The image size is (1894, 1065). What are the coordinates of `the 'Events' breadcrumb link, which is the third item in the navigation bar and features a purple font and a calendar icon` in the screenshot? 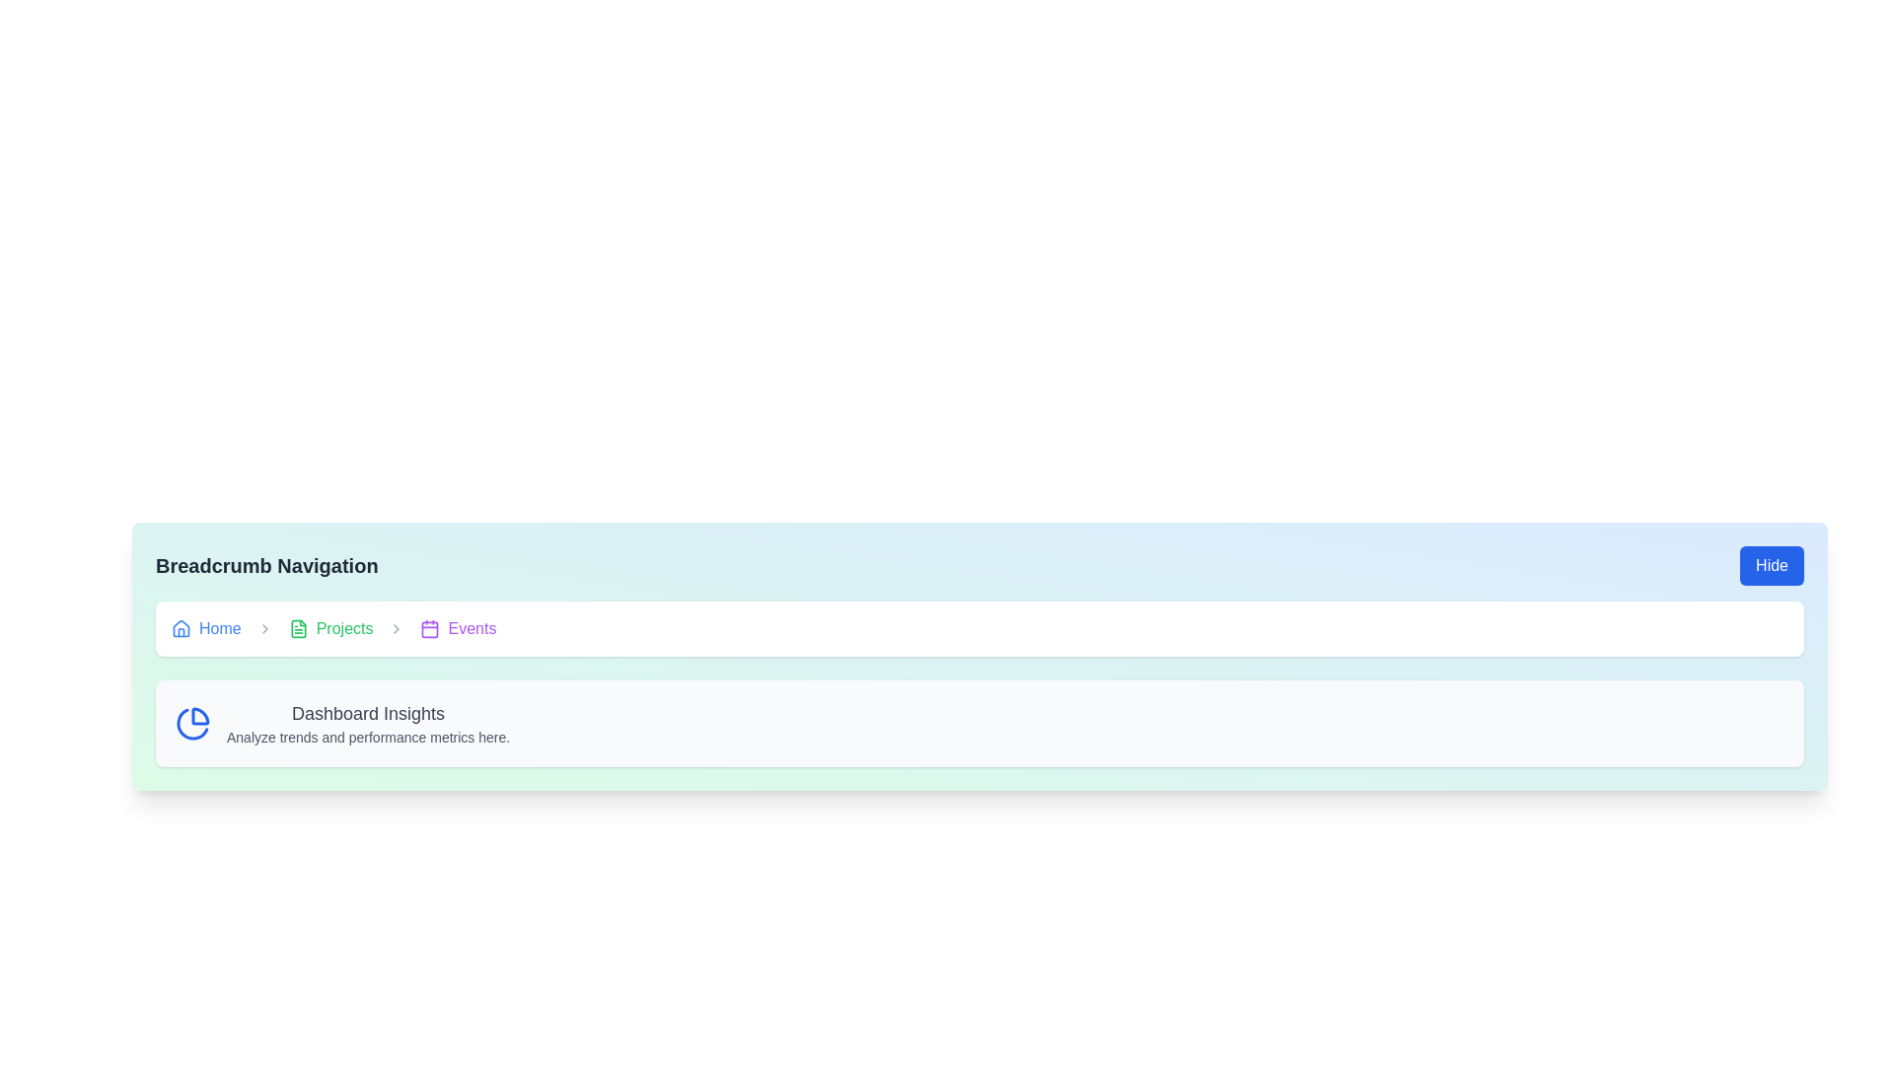 It's located at (458, 628).